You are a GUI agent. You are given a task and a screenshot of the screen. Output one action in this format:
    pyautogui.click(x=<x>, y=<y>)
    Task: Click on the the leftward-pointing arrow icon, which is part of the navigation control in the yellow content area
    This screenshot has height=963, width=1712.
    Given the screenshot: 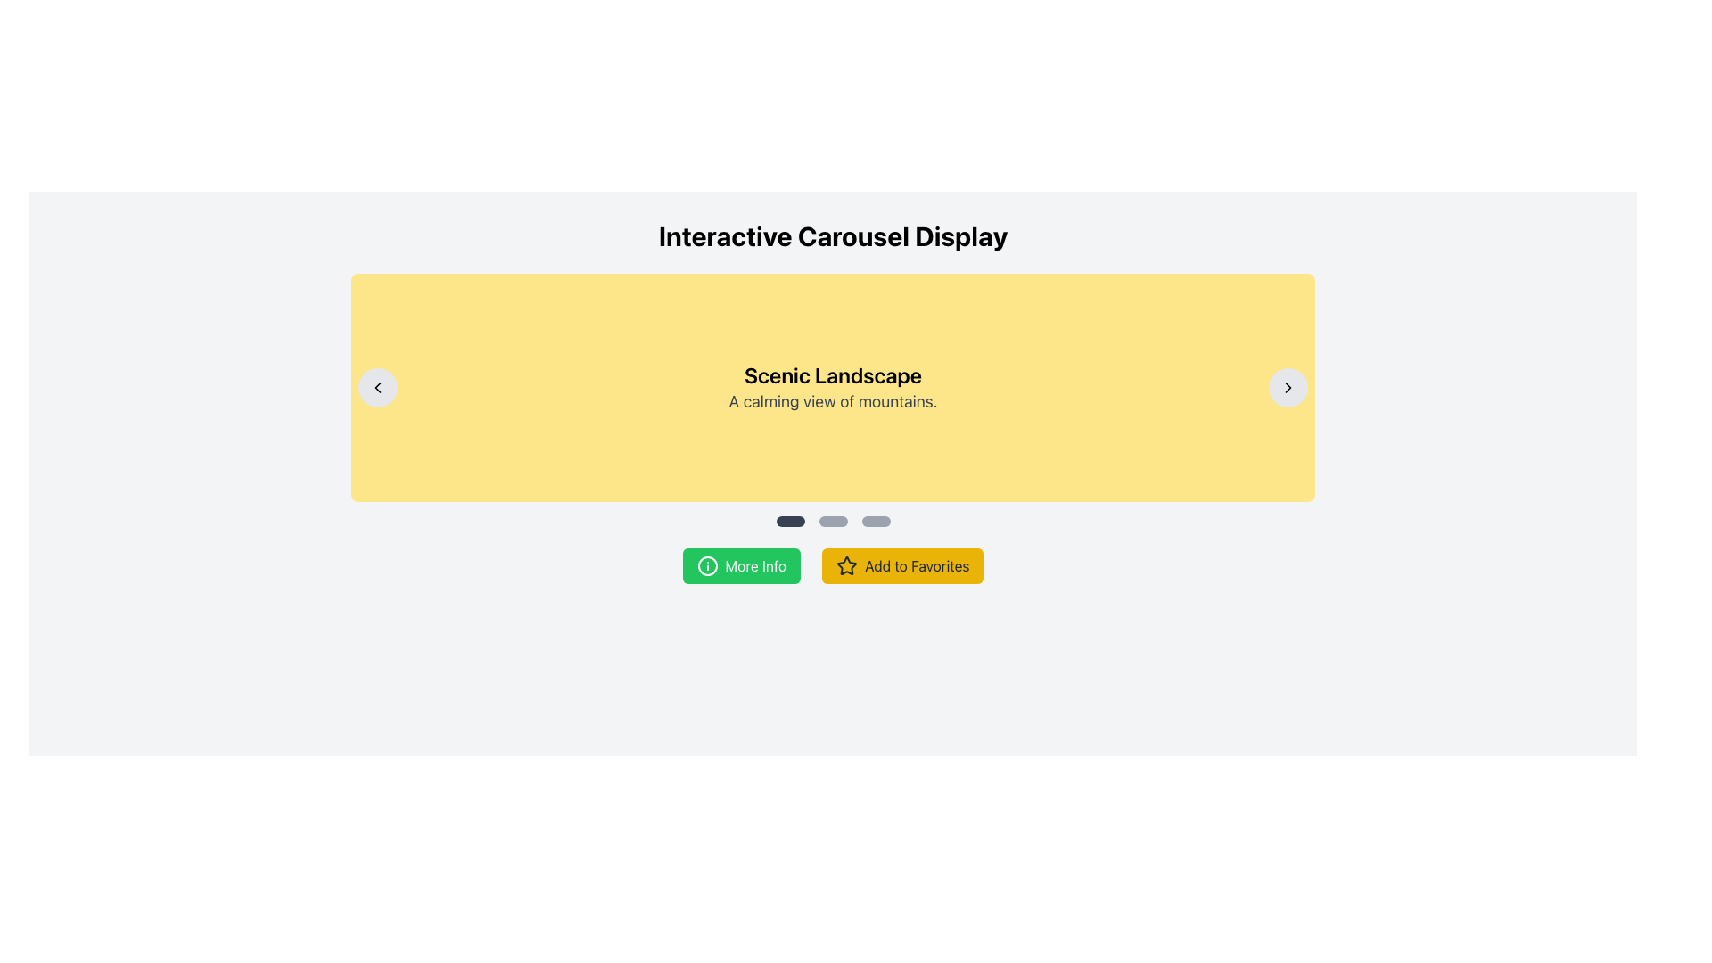 What is the action you would take?
    pyautogui.click(x=376, y=387)
    